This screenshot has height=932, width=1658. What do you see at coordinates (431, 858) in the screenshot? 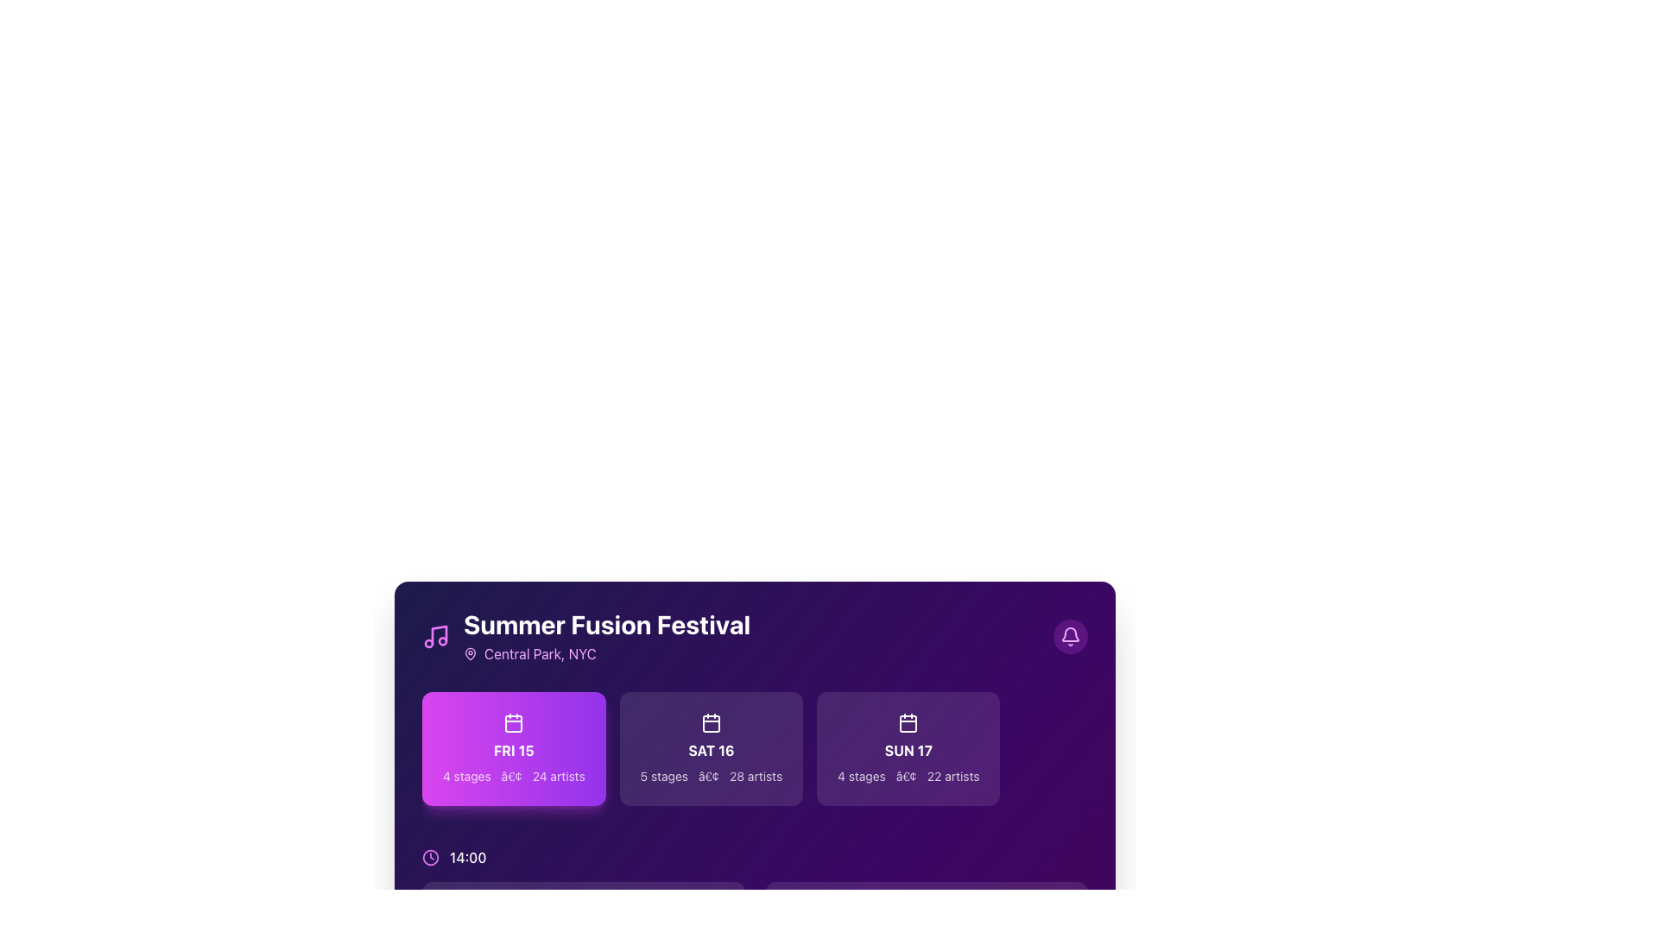
I see `the time-related icon located in the bottom-left corner of the card-like section, positioned near the text '14:00'` at bounding box center [431, 858].